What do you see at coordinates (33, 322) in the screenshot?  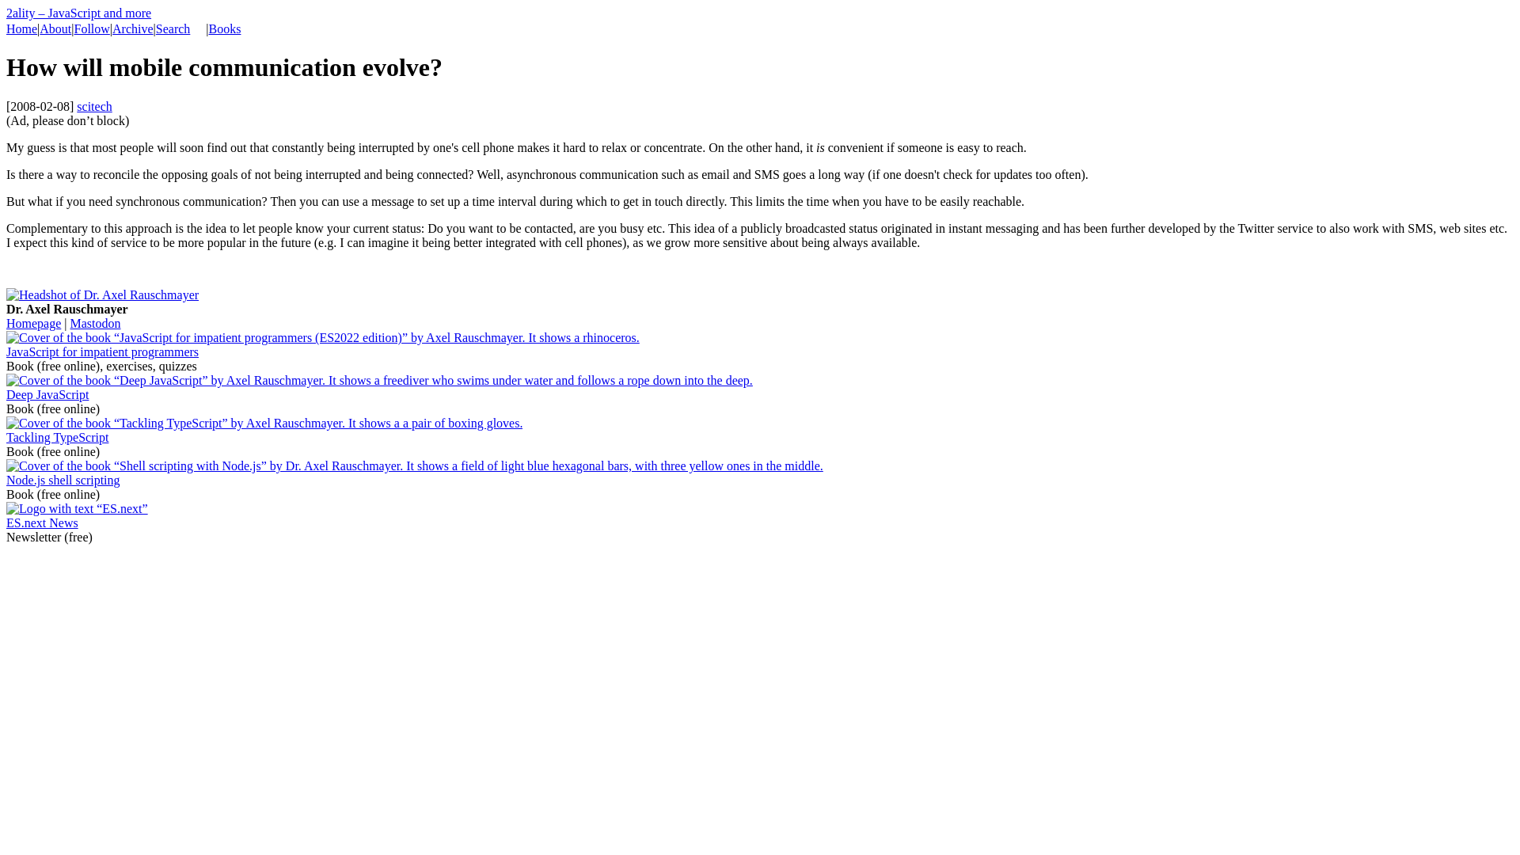 I see `'Homepage'` at bounding box center [33, 322].